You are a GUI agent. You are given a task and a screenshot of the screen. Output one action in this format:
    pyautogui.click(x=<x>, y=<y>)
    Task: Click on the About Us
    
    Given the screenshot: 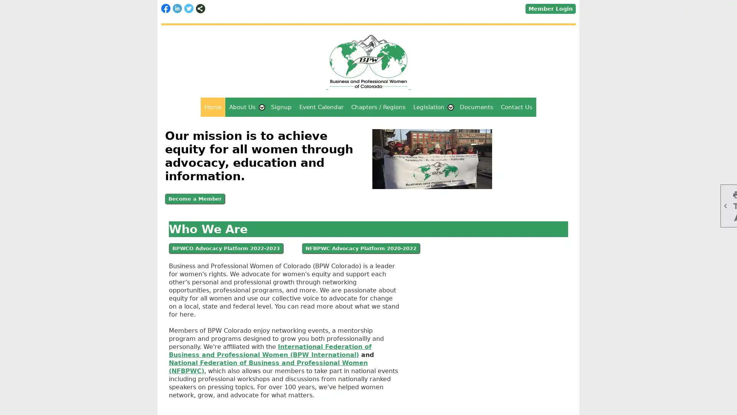 What is the action you would take?
    pyautogui.click(x=246, y=107)
    